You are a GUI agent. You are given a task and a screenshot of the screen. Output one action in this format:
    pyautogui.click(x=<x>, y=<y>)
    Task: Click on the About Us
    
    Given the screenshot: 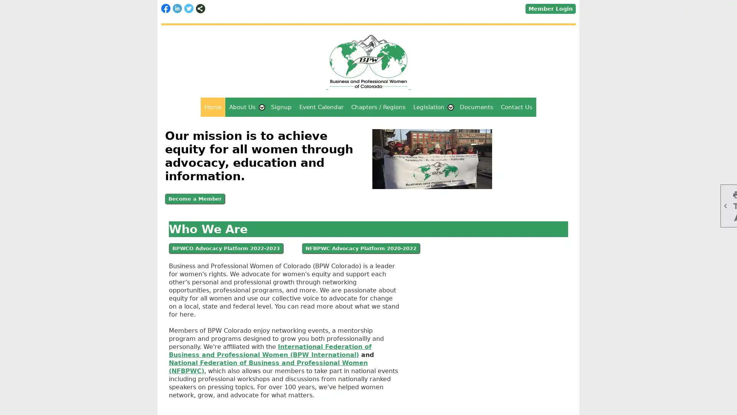 What is the action you would take?
    pyautogui.click(x=246, y=107)
    